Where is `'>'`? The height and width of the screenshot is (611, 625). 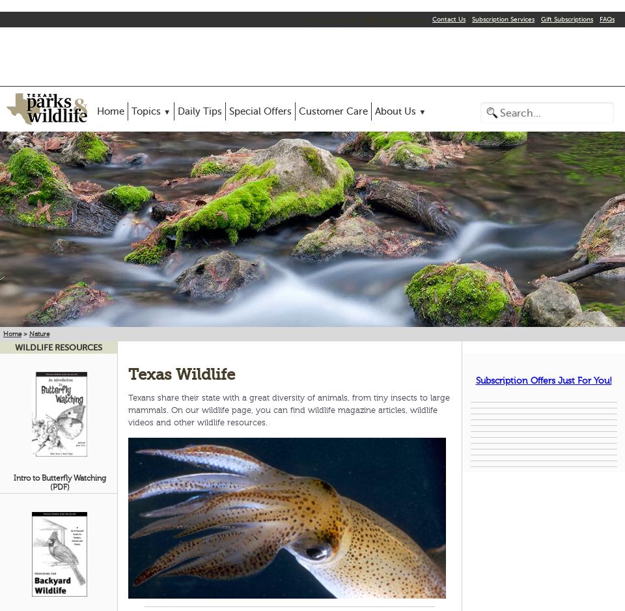
'>' is located at coordinates (24, 333).